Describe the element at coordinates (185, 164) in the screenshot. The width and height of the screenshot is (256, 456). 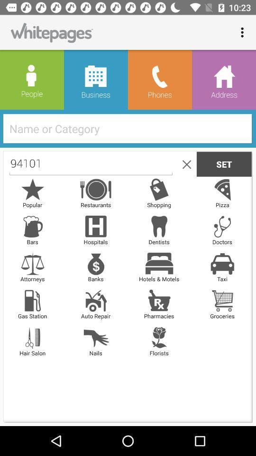
I see `the item to the right of 94101 icon` at that location.